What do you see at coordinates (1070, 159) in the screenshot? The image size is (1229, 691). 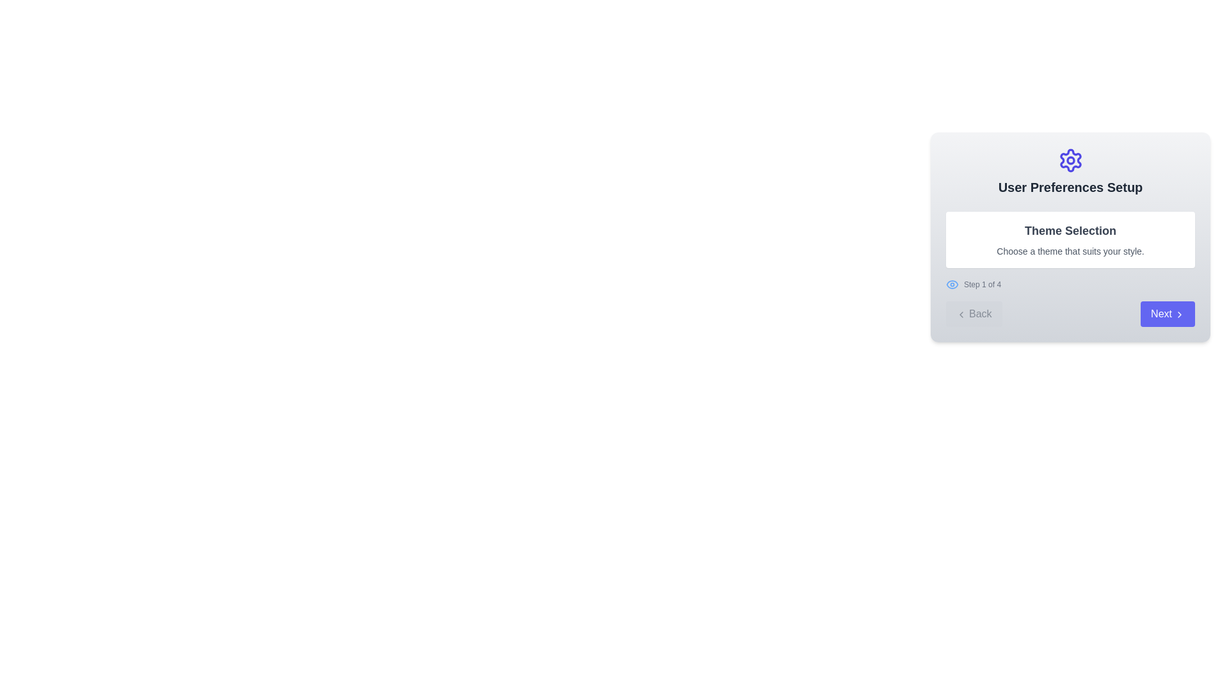 I see `the settings icon located at the top center of the 'User Preferences Setup' card, which visually represents the concept of settings or preferences` at bounding box center [1070, 159].